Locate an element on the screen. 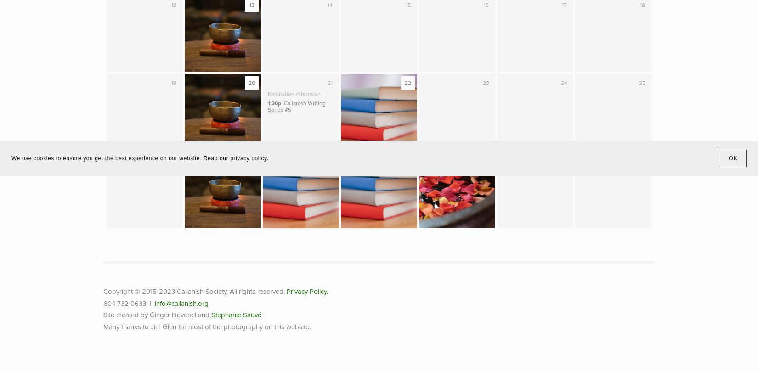 The width and height of the screenshot is (758, 371). 'Copyright © 2015-2023 Callanish Society, All rights reserved.' is located at coordinates (194, 292).